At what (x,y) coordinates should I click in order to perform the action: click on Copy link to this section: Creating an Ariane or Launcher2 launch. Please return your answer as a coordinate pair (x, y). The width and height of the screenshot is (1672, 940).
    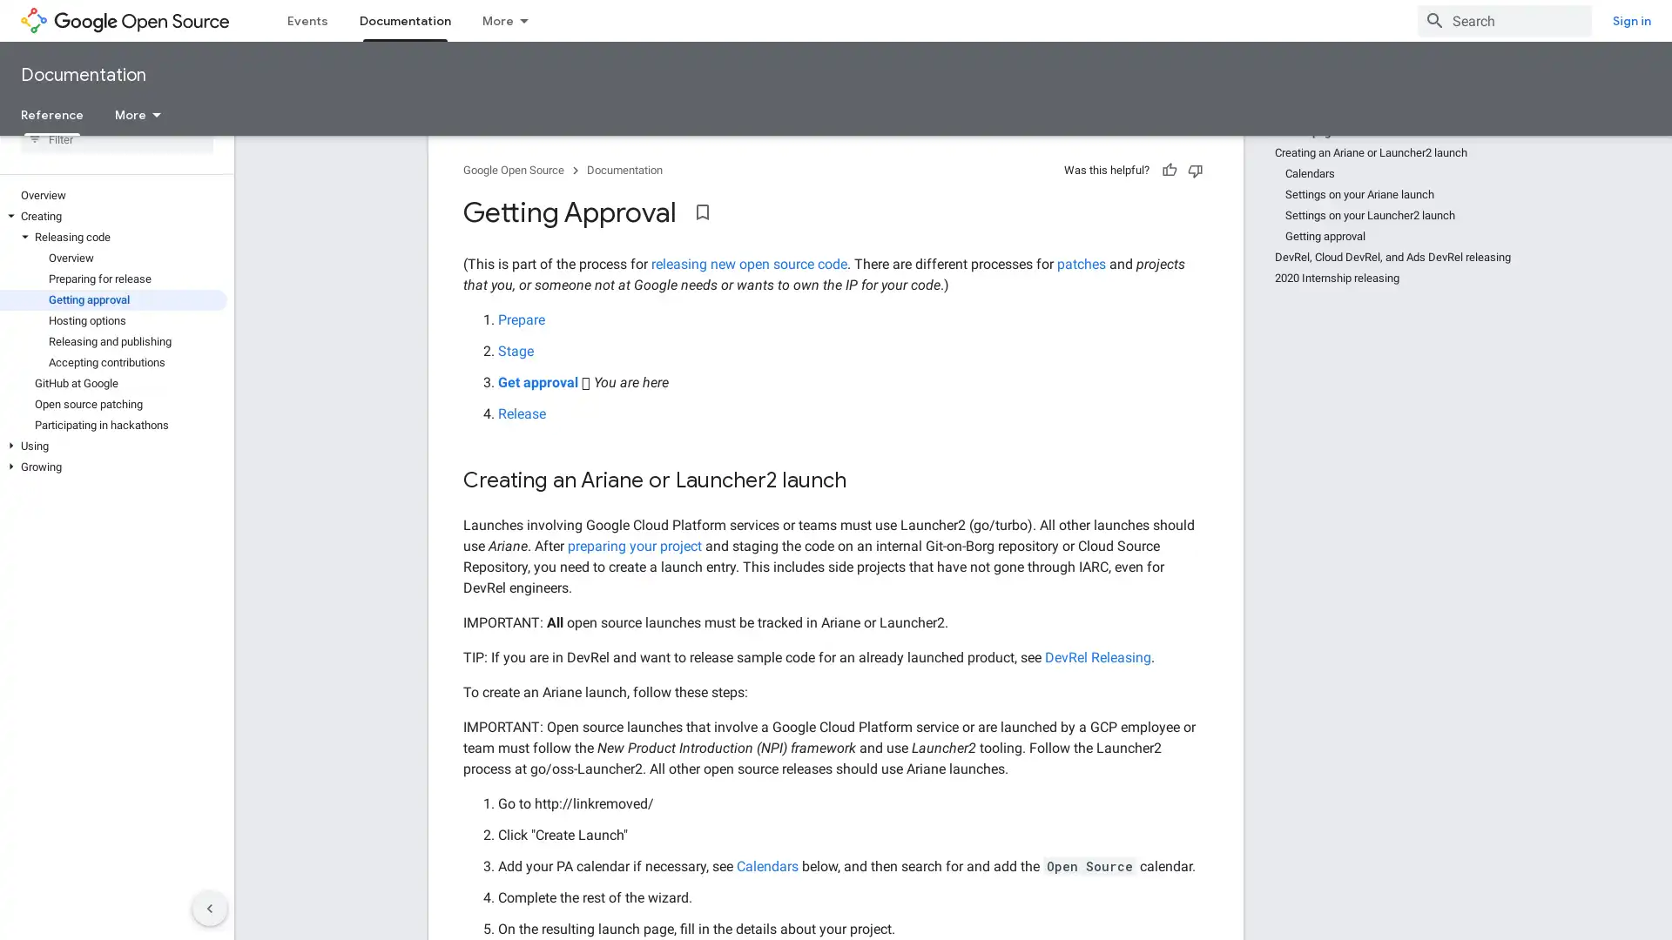
    Looking at the image, I should click on (864, 512).